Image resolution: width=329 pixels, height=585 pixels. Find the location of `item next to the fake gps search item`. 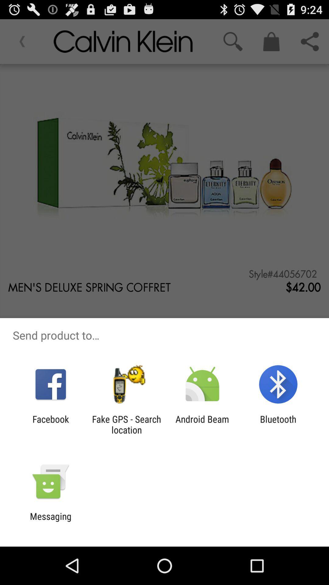

item next to the fake gps search item is located at coordinates (50, 424).